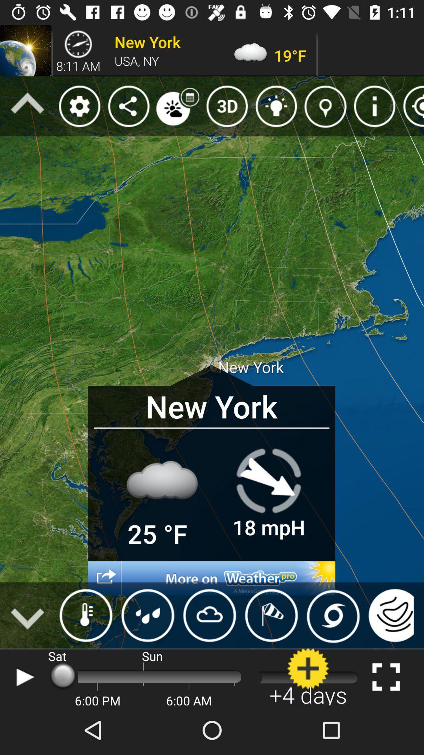 The width and height of the screenshot is (424, 755). What do you see at coordinates (386, 676) in the screenshot?
I see `the fullscreen icon` at bounding box center [386, 676].